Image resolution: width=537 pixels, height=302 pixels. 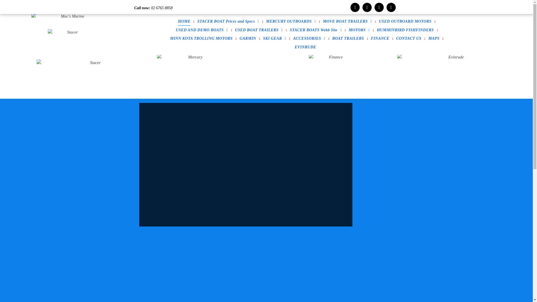 I want to click on 'HOME', so click(x=175, y=21).